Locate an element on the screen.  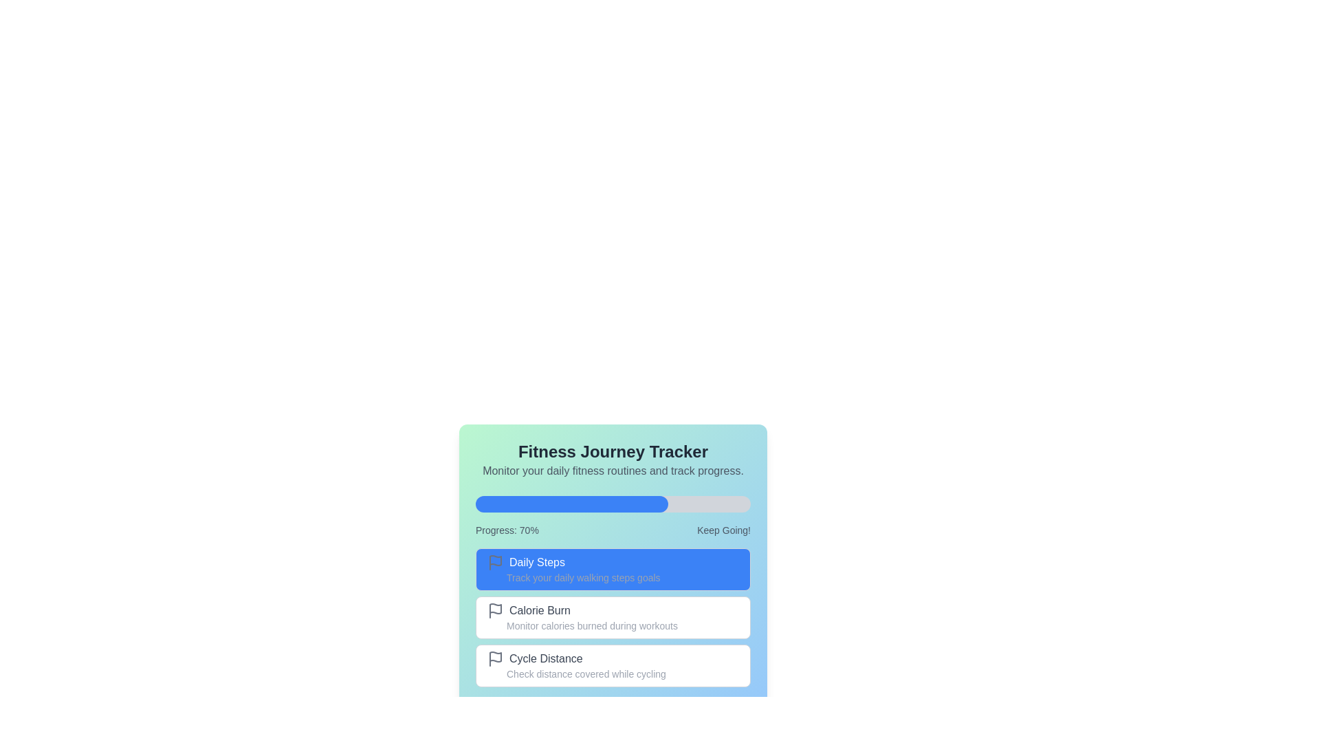
the gray flag icon located to the left of the 'Daily Steps' text is located at coordinates (495, 562).